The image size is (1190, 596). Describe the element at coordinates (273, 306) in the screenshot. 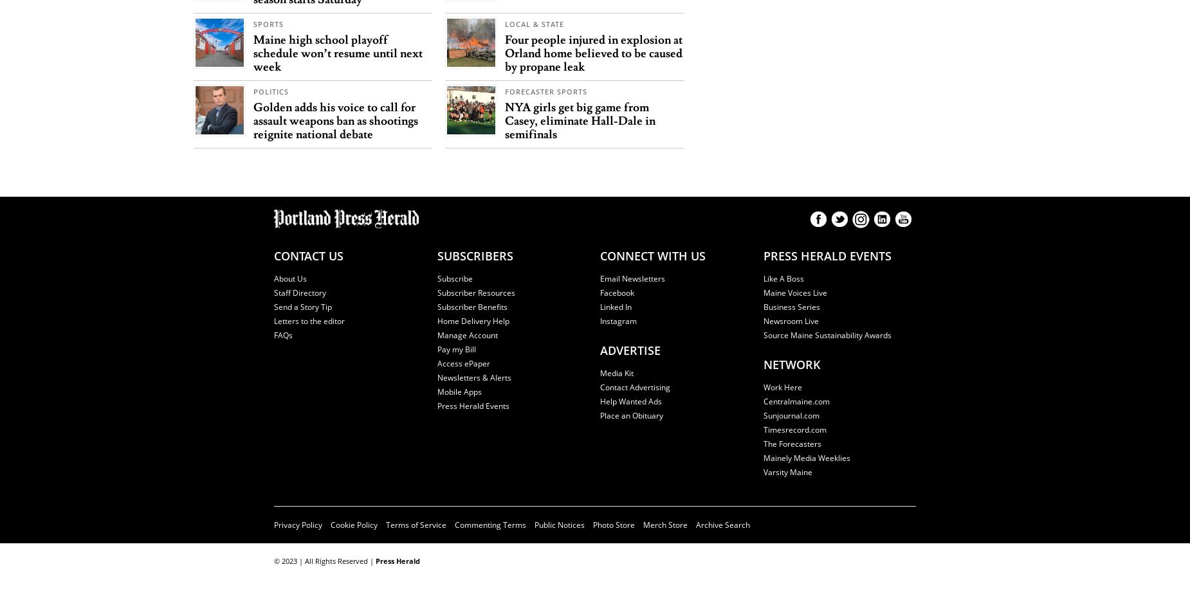

I see `'Send a Story Tip'` at that location.